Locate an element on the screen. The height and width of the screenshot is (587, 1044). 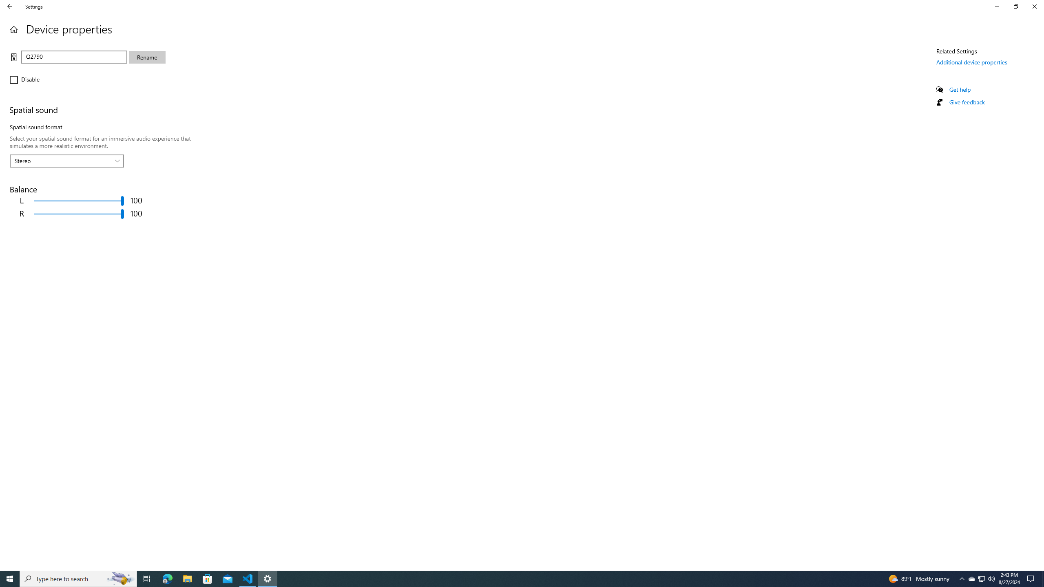
'Spatial sound format' is located at coordinates (66, 161).